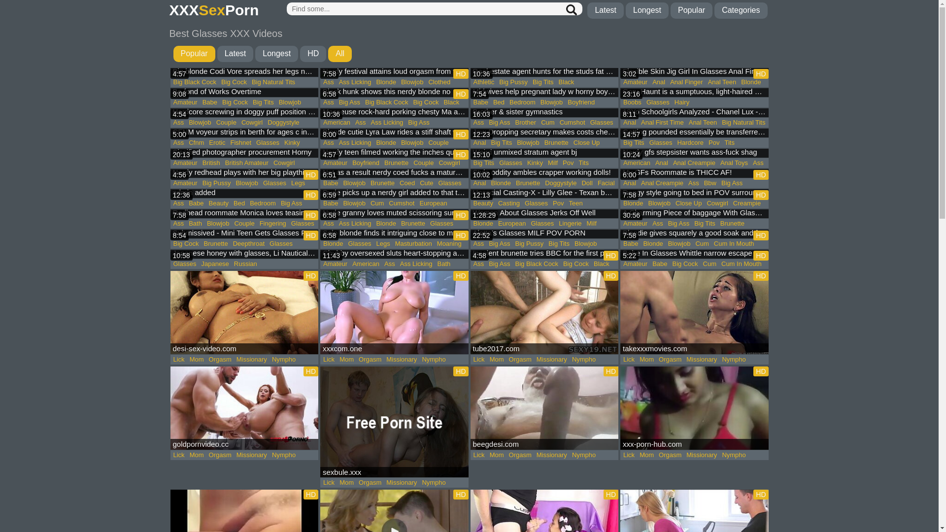 The image size is (946, 532). I want to click on 'Boyfriend', so click(350, 163).